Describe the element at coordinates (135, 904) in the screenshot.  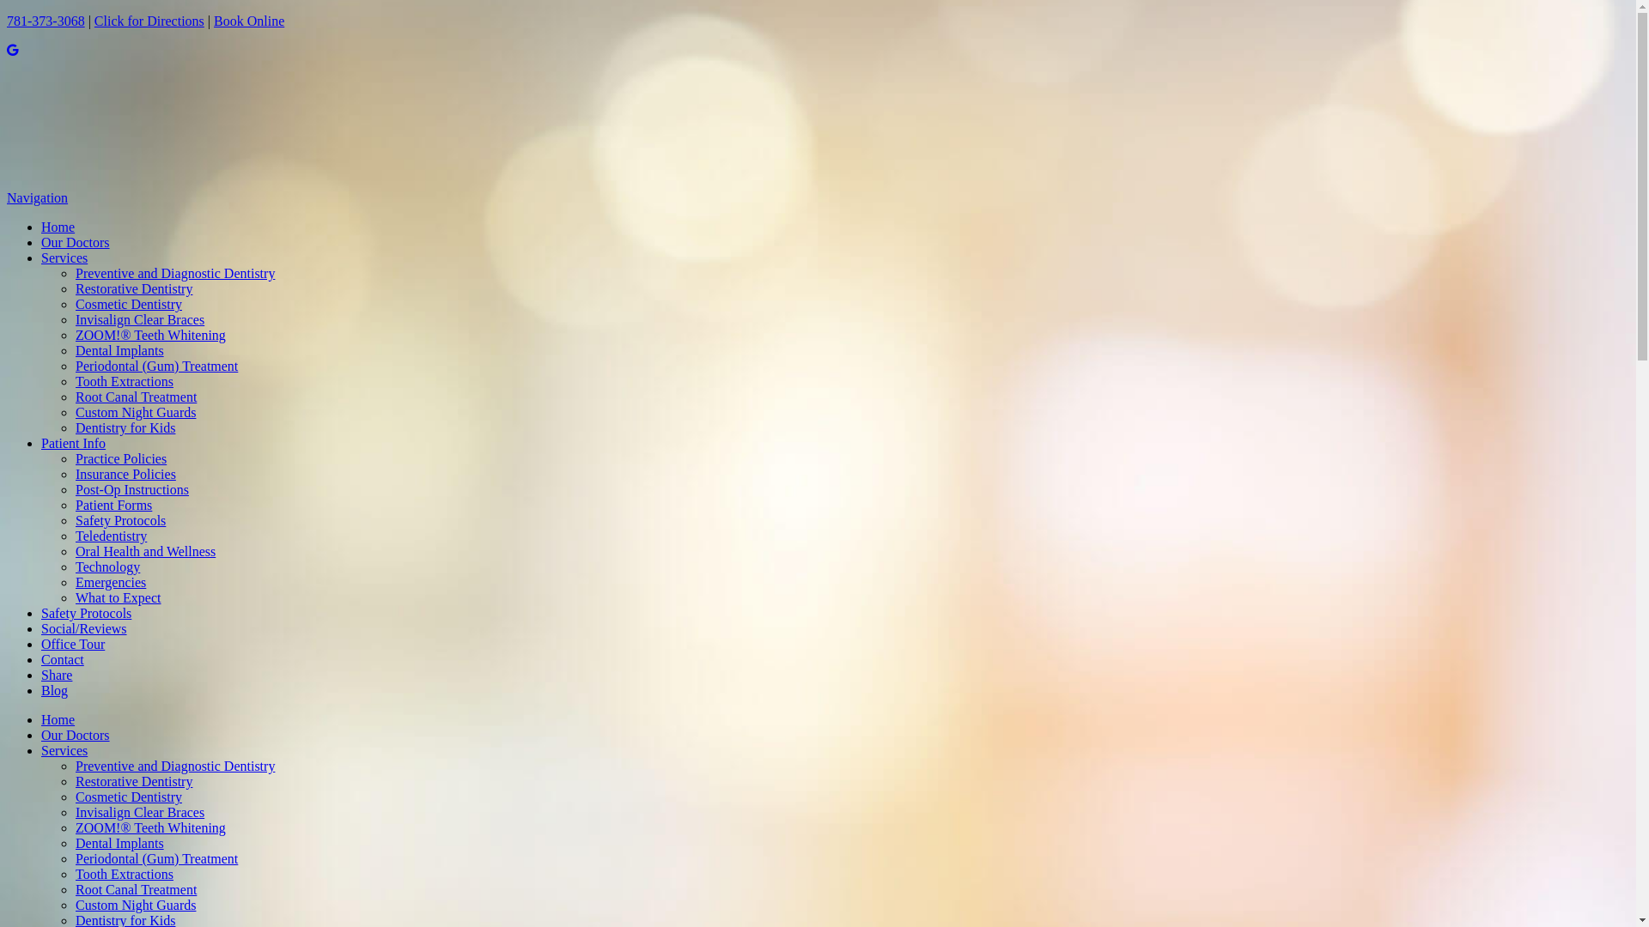
I see `'Custom Night Guards'` at that location.